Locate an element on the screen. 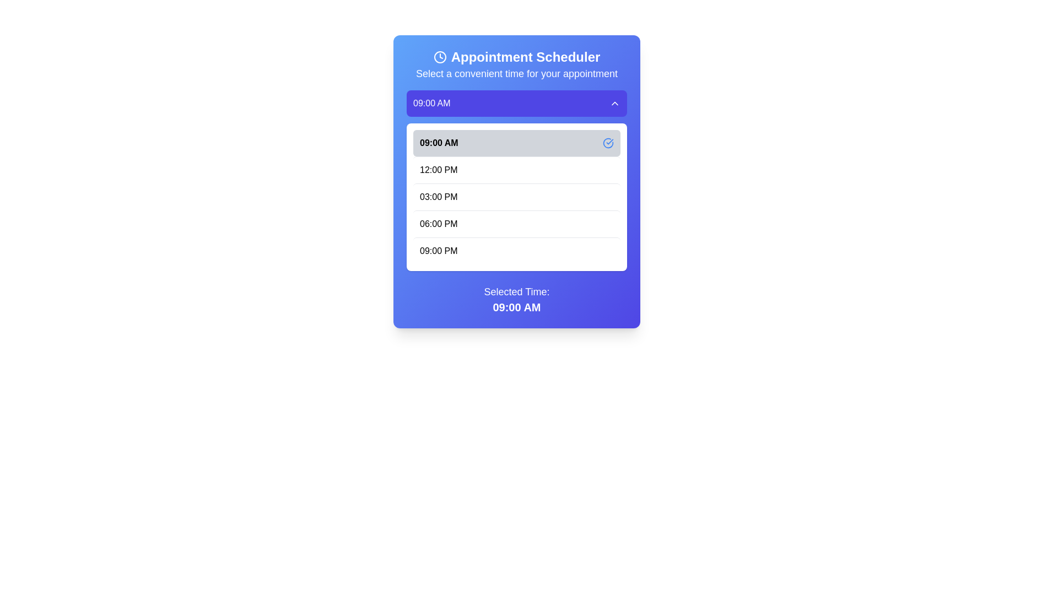 Image resolution: width=1058 pixels, height=595 pixels. the heading element that serves as the title of the interface, located at the top of the box above the subtitle 'Select a convenient time for your appointment' is located at coordinates (516, 57).